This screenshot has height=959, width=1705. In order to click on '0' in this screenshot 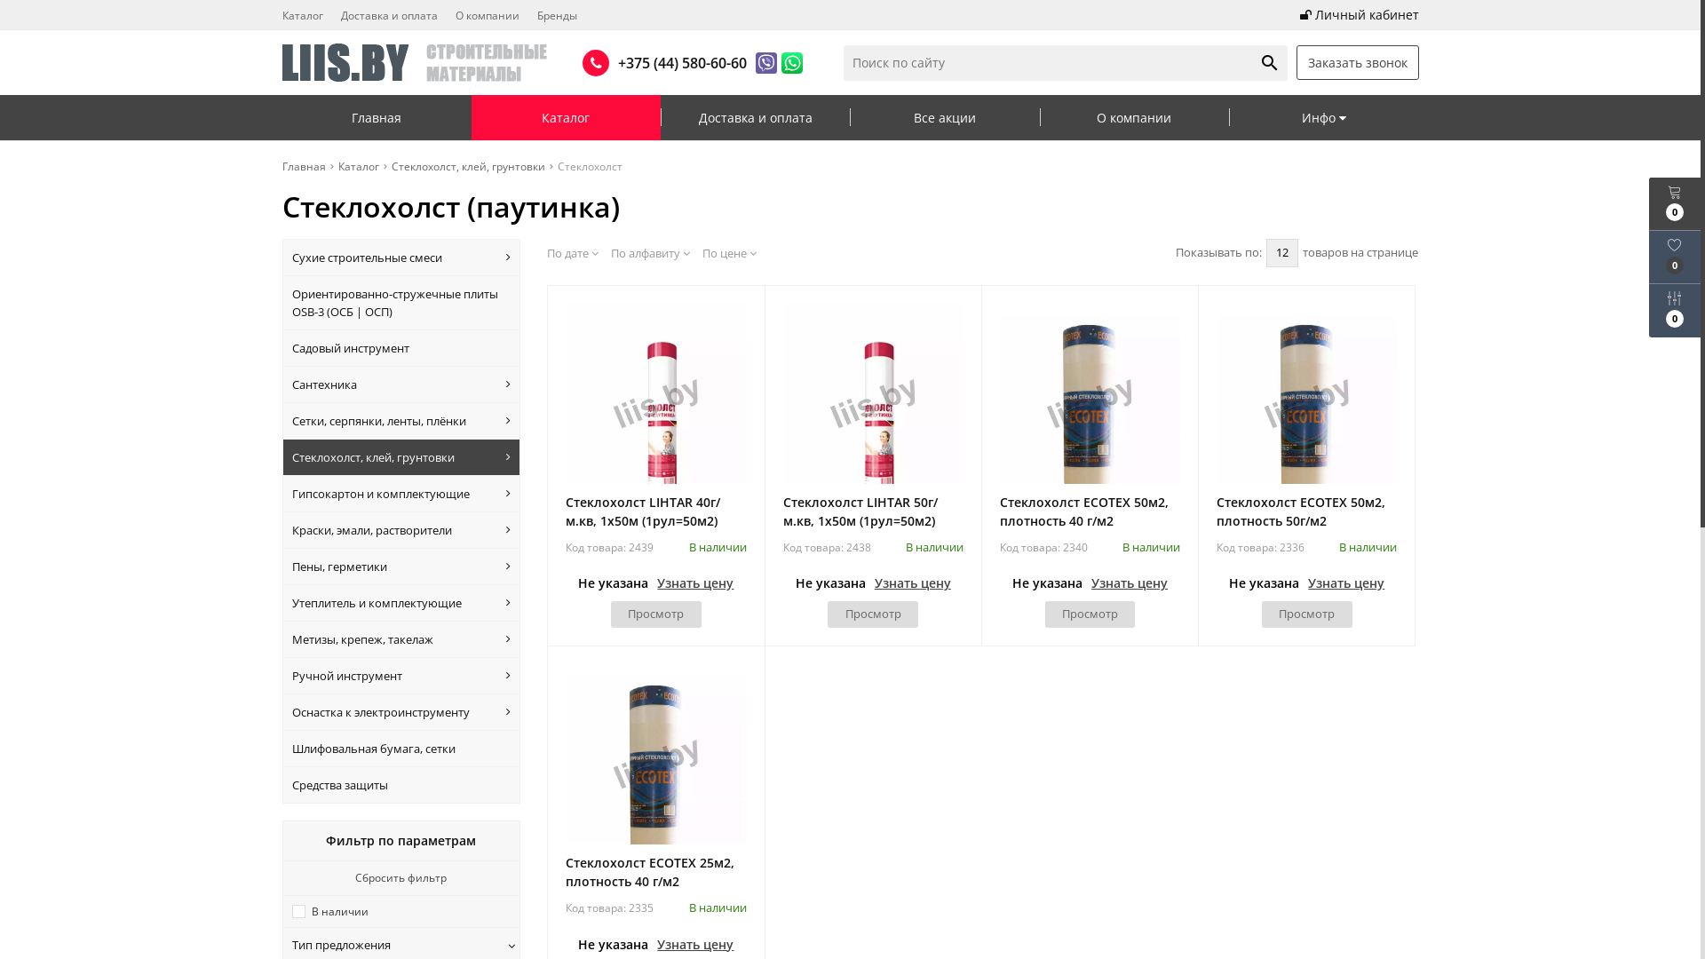, I will do `click(1674, 202)`.